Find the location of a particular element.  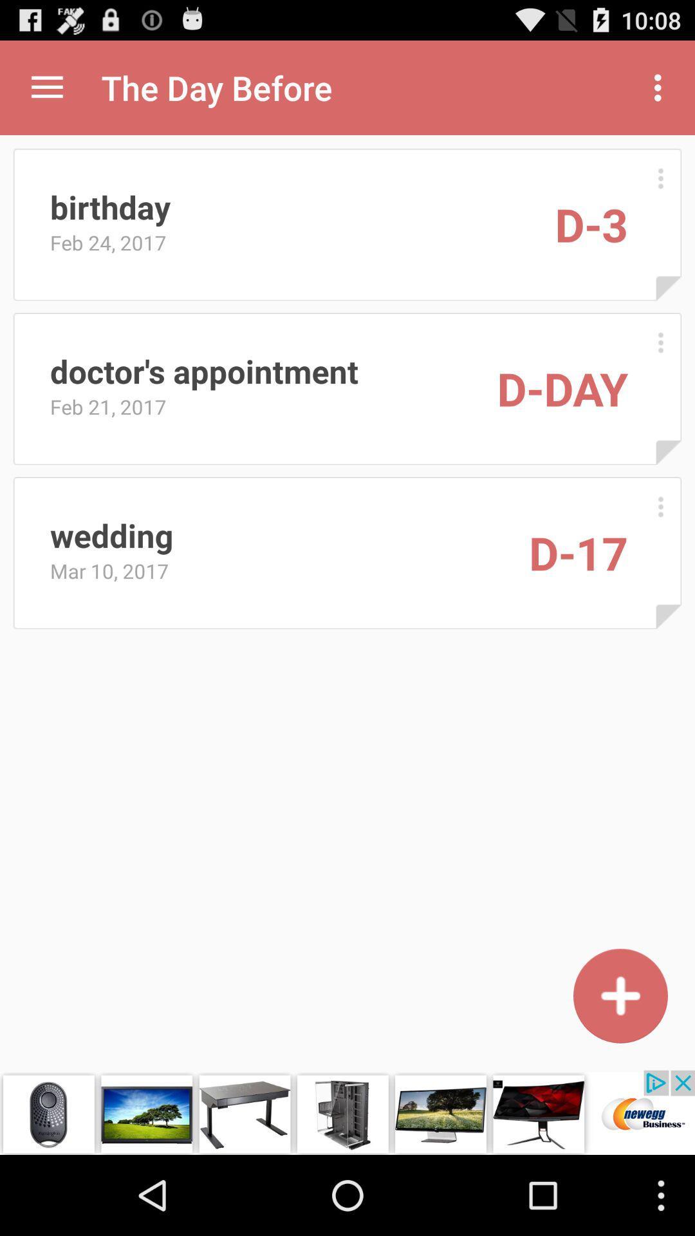

open details is located at coordinates (660, 342).